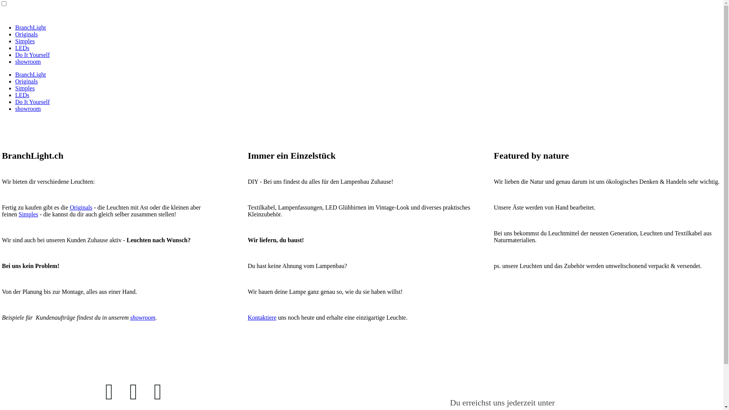 Image resolution: width=729 pixels, height=410 pixels. I want to click on 'Simples', so click(25, 41).